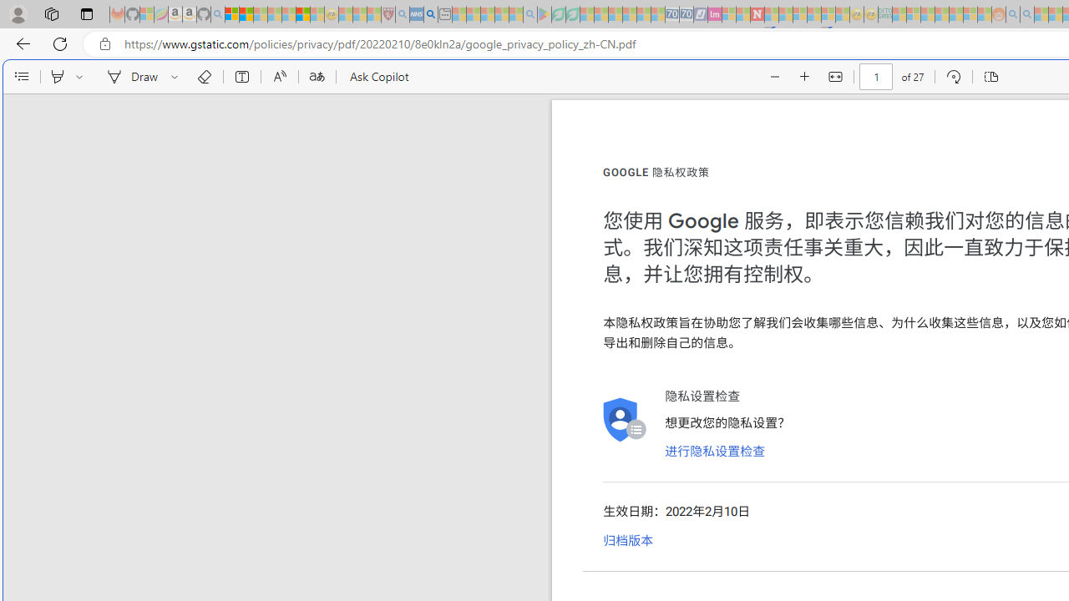  What do you see at coordinates (912, 14) in the screenshot?
I see `'Microsoft account | Privacy - Sleeping'` at bounding box center [912, 14].